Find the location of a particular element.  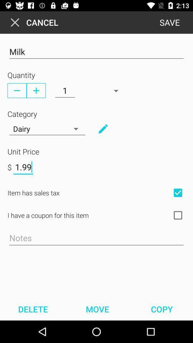

quantity is located at coordinates (36, 90).